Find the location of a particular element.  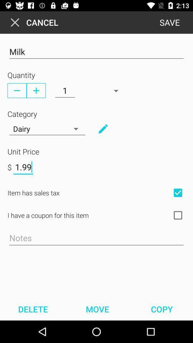

quantity is located at coordinates (36, 90).